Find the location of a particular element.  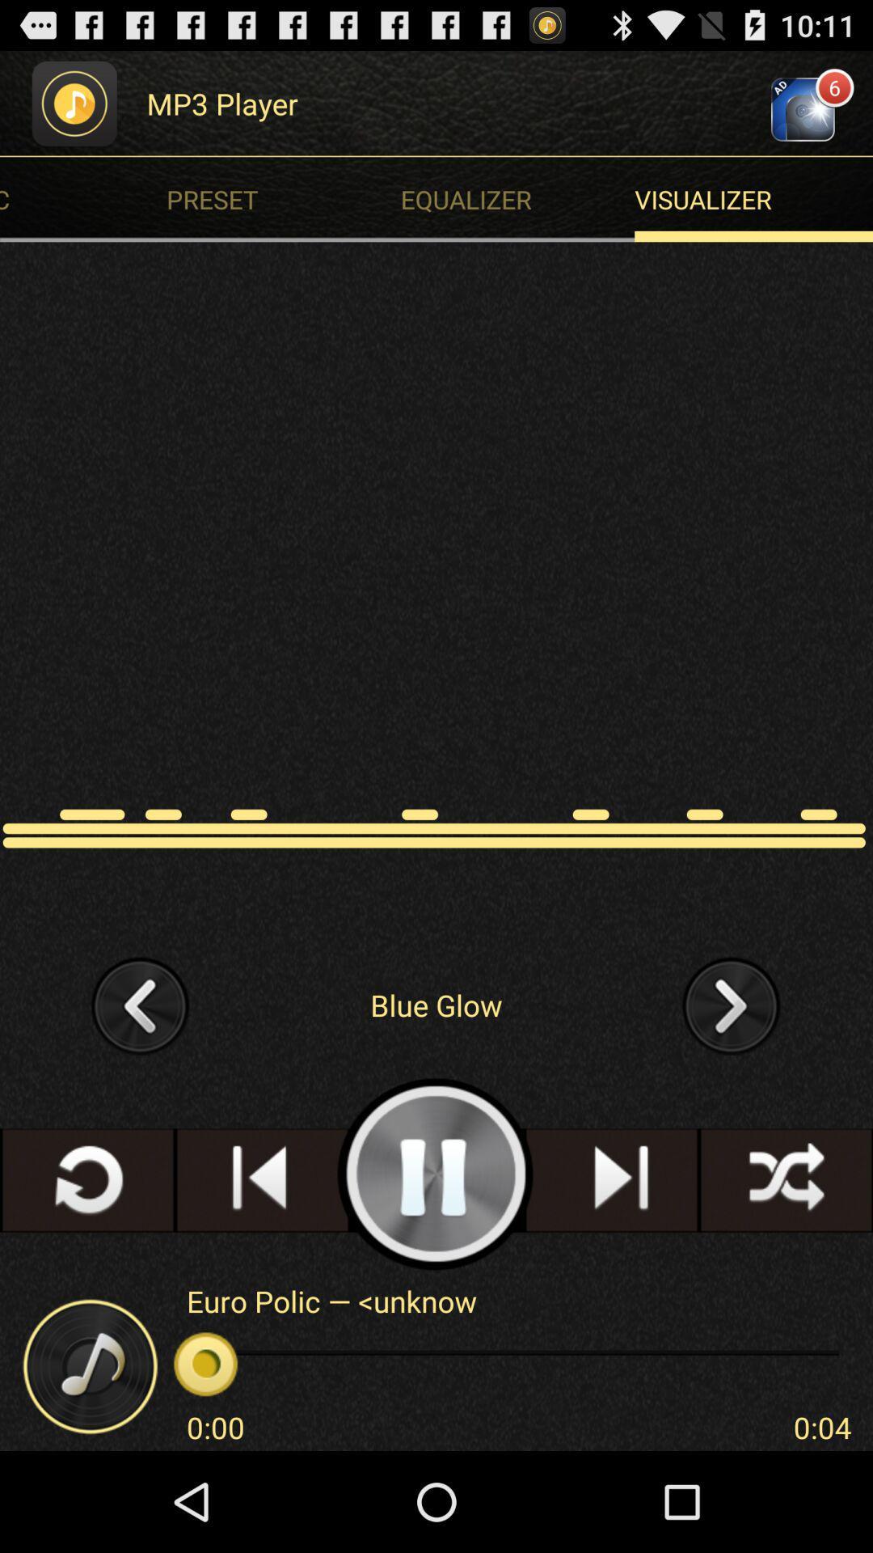

the app below the mp3 player is located at coordinates (287, 198).